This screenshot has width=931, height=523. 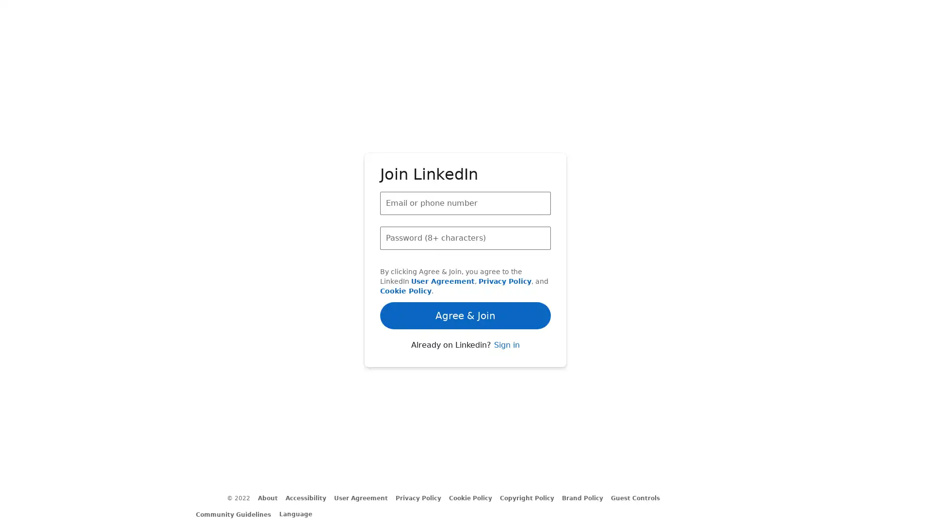 I want to click on Agree & Join, so click(x=465, y=287).